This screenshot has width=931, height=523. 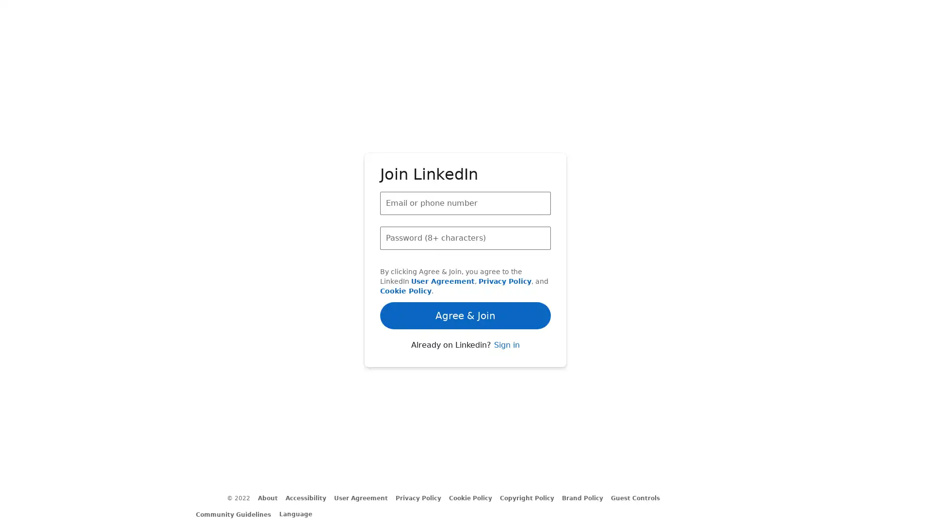 I want to click on Agree & Join, so click(x=465, y=287).